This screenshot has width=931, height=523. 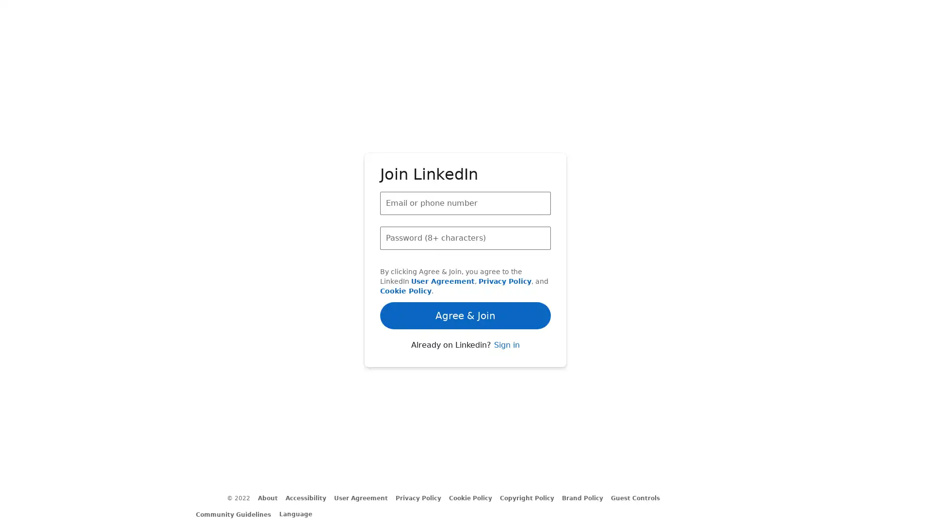 I want to click on Agree & Join, so click(x=465, y=287).